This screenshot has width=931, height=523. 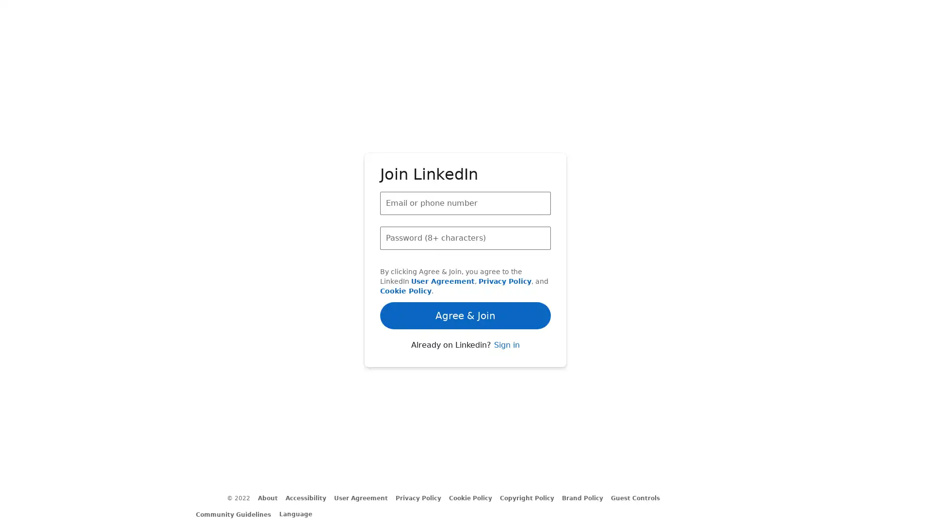 I want to click on Agree & Join, so click(x=465, y=287).